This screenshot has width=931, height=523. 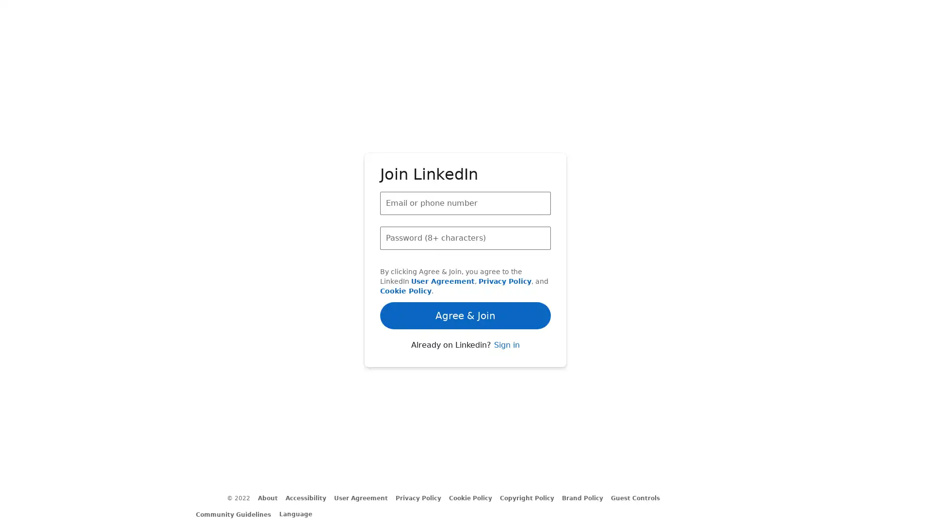 I want to click on Agree & Join, so click(x=465, y=287).